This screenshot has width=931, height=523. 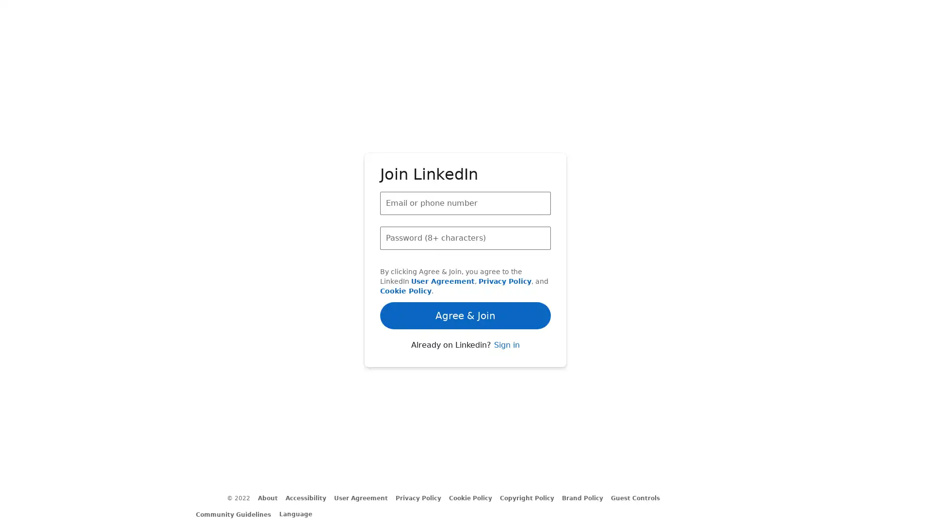 I want to click on Agree & Join, so click(x=465, y=287).